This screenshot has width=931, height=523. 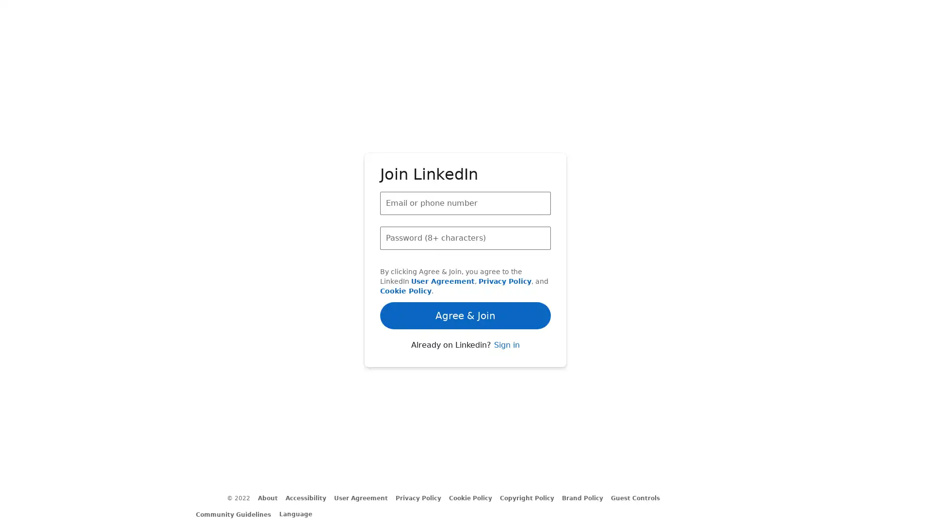 I want to click on Agree & Join, so click(x=465, y=287).